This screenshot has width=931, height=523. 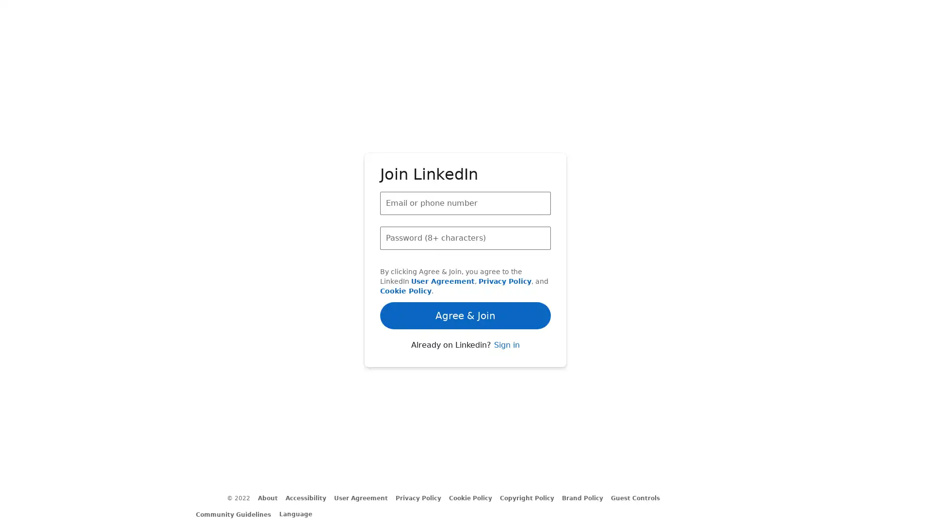 I want to click on Agree & Join, so click(x=465, y=287).